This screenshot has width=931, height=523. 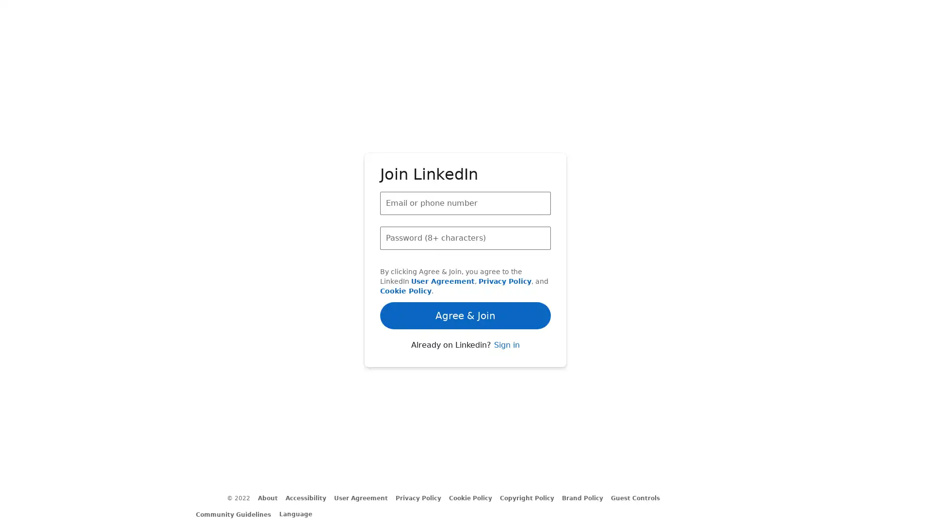 I want to click on Agree & Join, so click(x=465, y=287).